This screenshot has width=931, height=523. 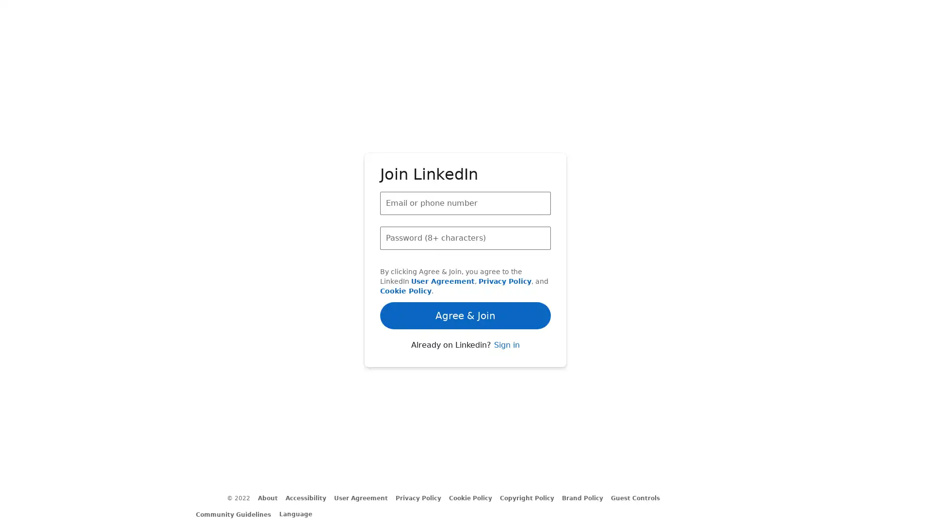 I want to click on Agree & Join, so click(x=465, y=287).